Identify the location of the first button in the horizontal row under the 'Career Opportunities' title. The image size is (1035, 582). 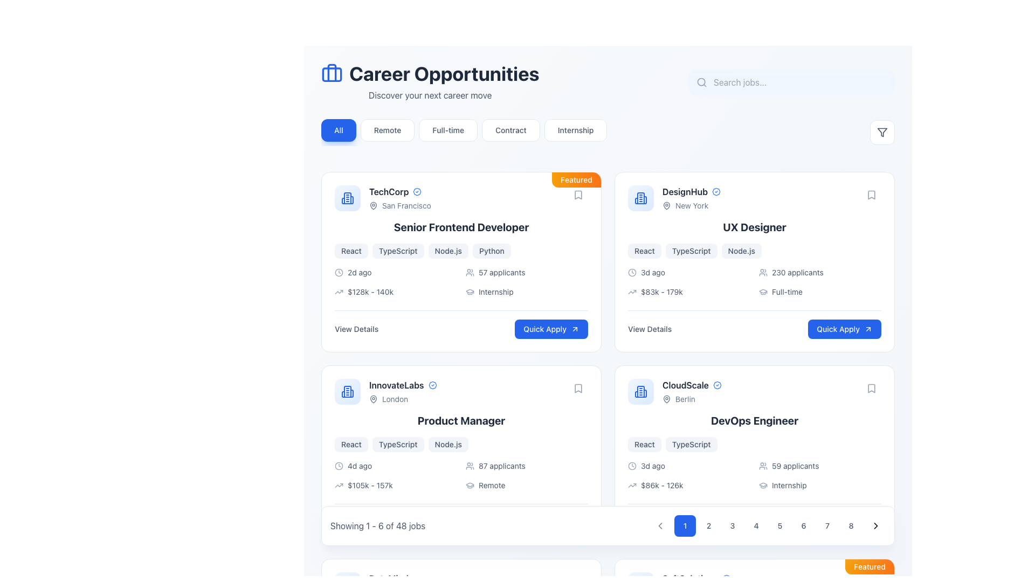
(338, 130).